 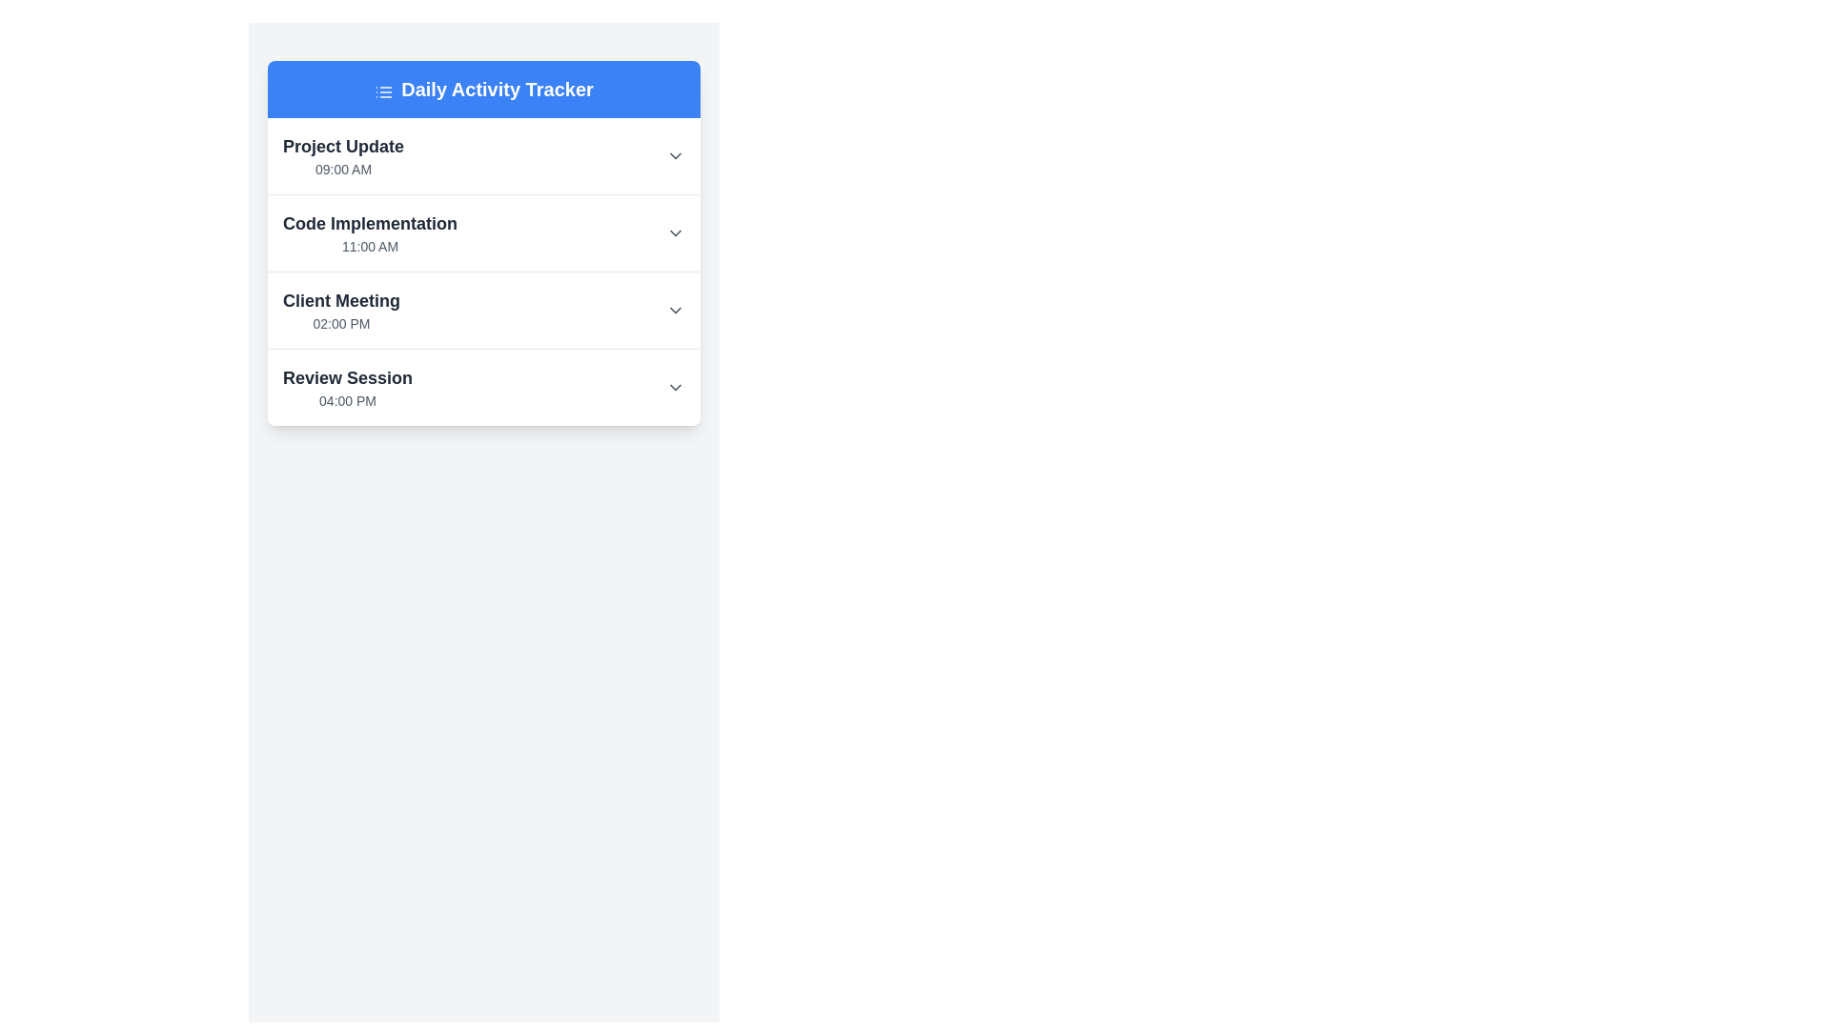 I want to click on the bold, large-sized text label displaying 'Project Update' located at the top of a white rectangular section, which contrasts with the smaller text '09:00 AM' below it, so click(x=343, y=146).